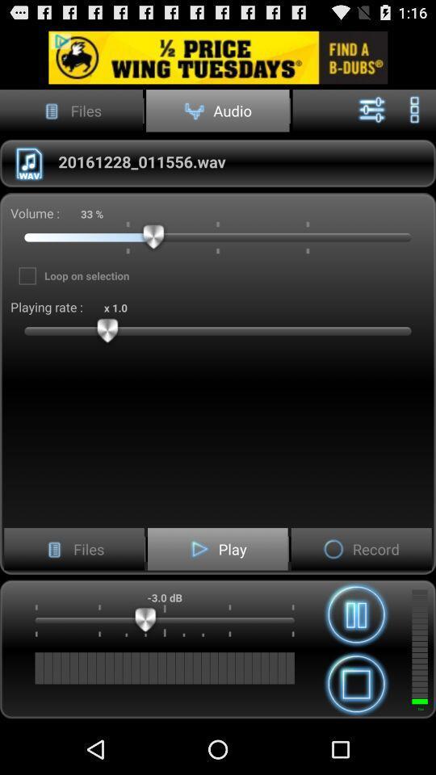  Describe the element at coordinates (218, 57) in the screenshot. I see `open advertisement` at that location.